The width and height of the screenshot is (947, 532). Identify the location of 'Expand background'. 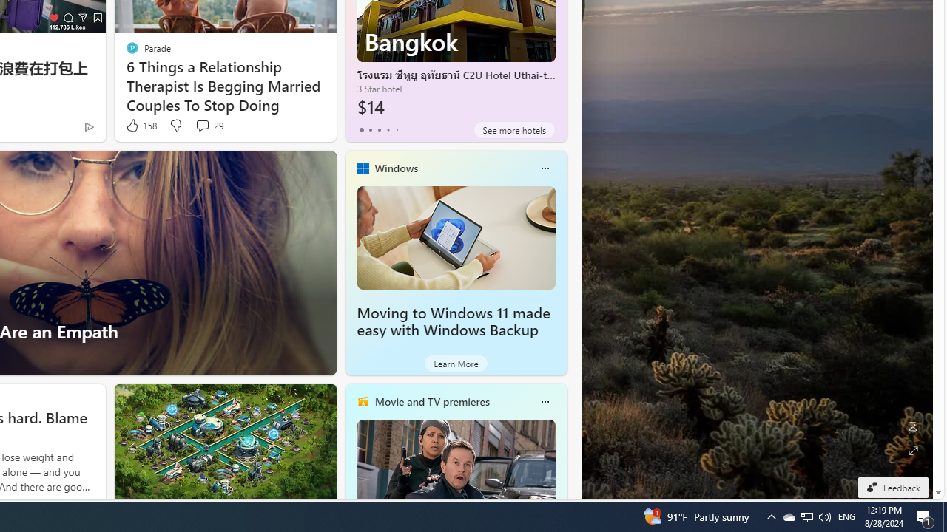
(911, 450).